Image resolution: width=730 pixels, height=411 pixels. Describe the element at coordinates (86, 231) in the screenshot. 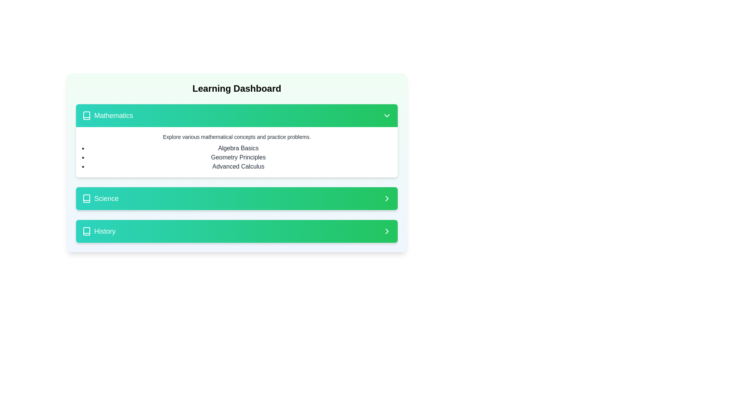

I see `the 'History' icon located on the left side of the 'History' button, which is the third button in a vertical list of three buttons: 'Mathematics', 'Science', and 'History'` at that location.